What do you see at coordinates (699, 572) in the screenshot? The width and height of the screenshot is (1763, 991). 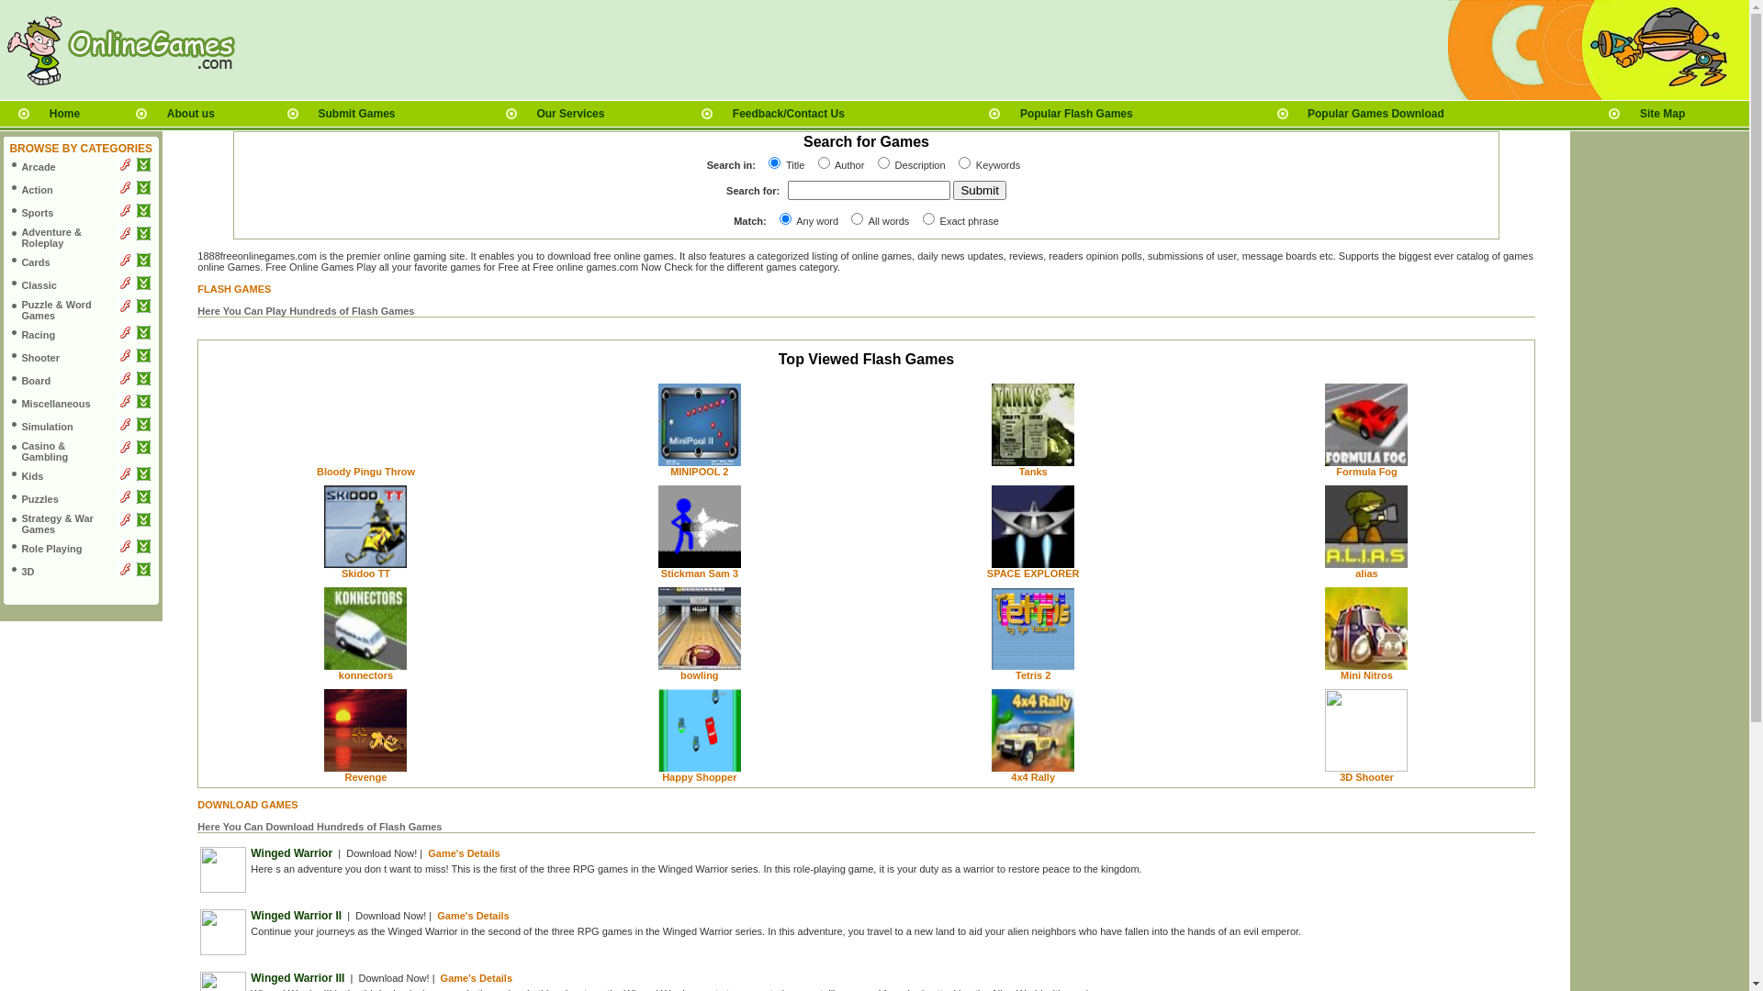 I see `'Stickman Sam 3'` at bounding box center [699, 572].